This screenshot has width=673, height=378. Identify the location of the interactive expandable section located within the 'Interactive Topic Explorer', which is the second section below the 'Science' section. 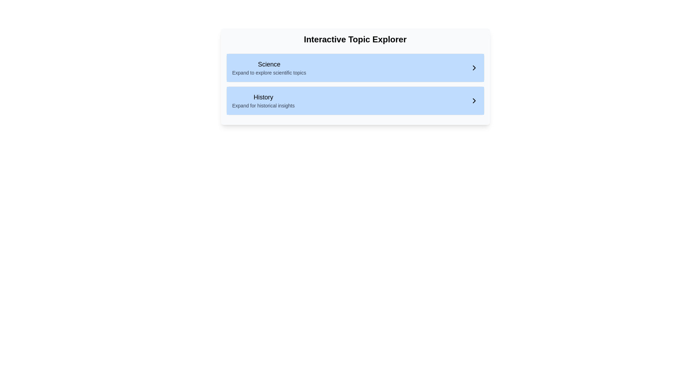
(355, 84).